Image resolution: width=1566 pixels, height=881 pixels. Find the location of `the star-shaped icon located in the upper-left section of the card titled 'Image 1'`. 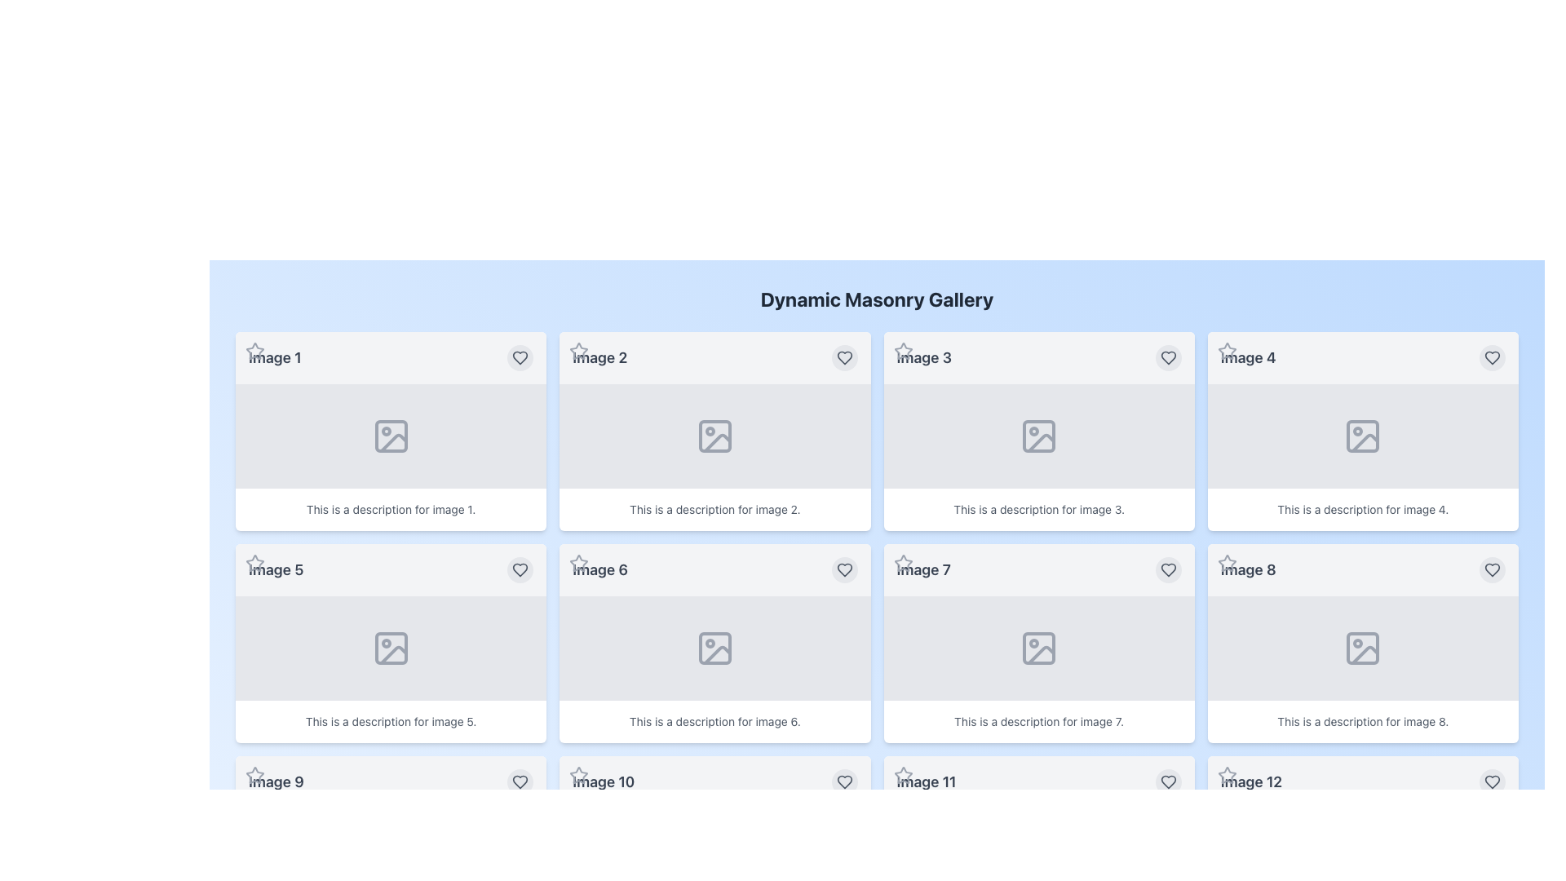

the star-shaped icon located in the upper-left section of the card titled 'Image 1' is located at coordinates (254, 350).